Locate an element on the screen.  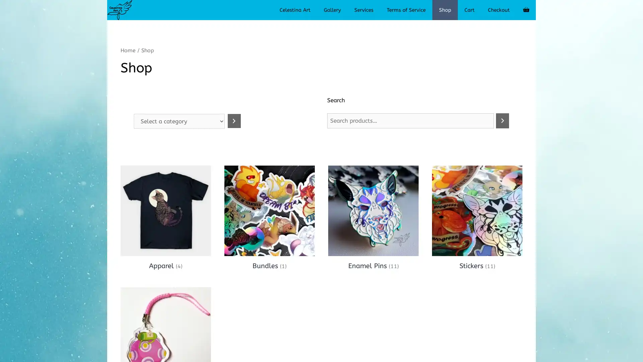
Go to category is located at coordinates (234, 121).